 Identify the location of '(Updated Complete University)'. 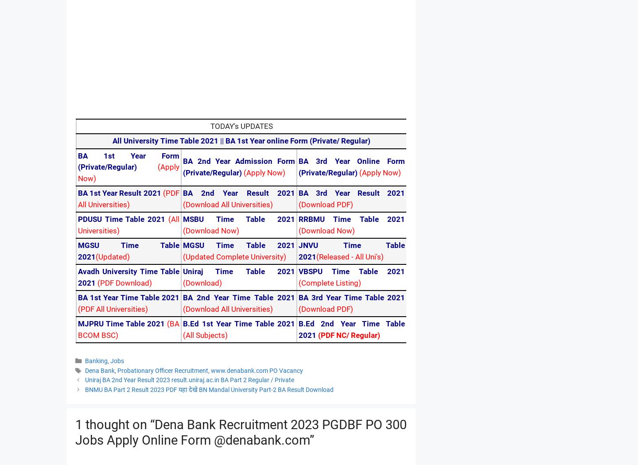
(233, 256).